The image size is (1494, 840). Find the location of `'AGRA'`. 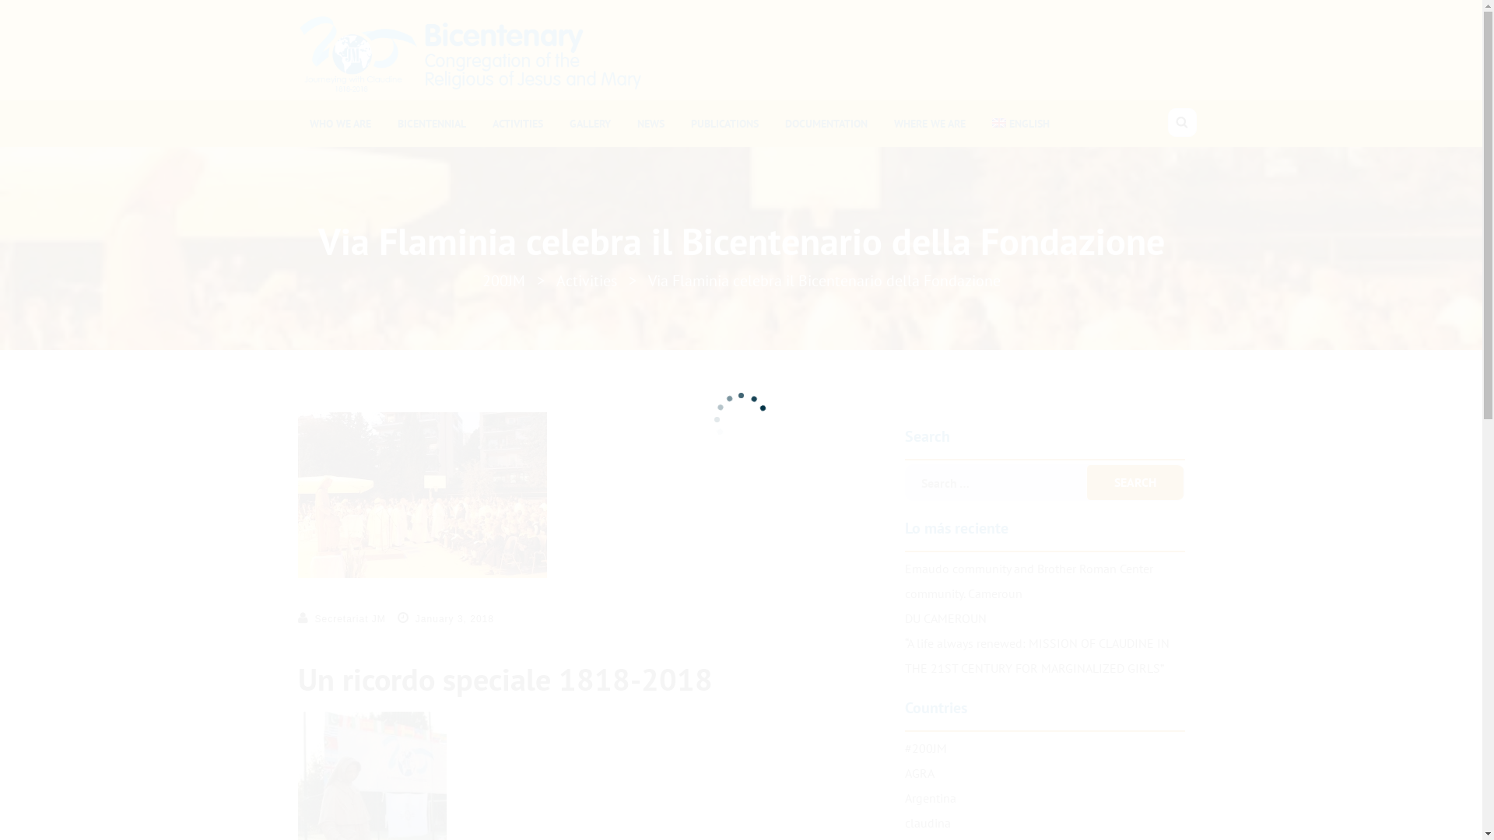

'AGRA' is located at coordinates (918, 773).